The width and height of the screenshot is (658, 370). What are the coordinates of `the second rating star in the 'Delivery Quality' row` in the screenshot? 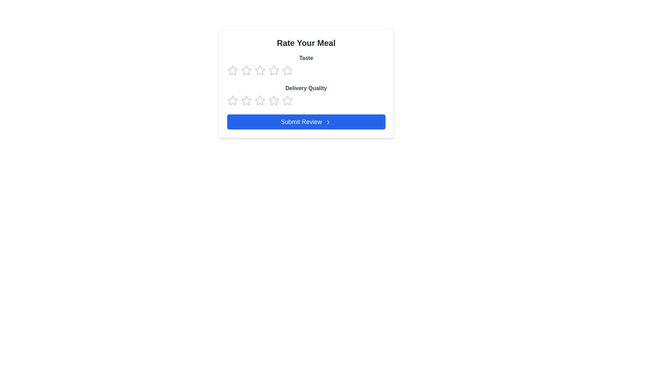 It's located at (246, 100).